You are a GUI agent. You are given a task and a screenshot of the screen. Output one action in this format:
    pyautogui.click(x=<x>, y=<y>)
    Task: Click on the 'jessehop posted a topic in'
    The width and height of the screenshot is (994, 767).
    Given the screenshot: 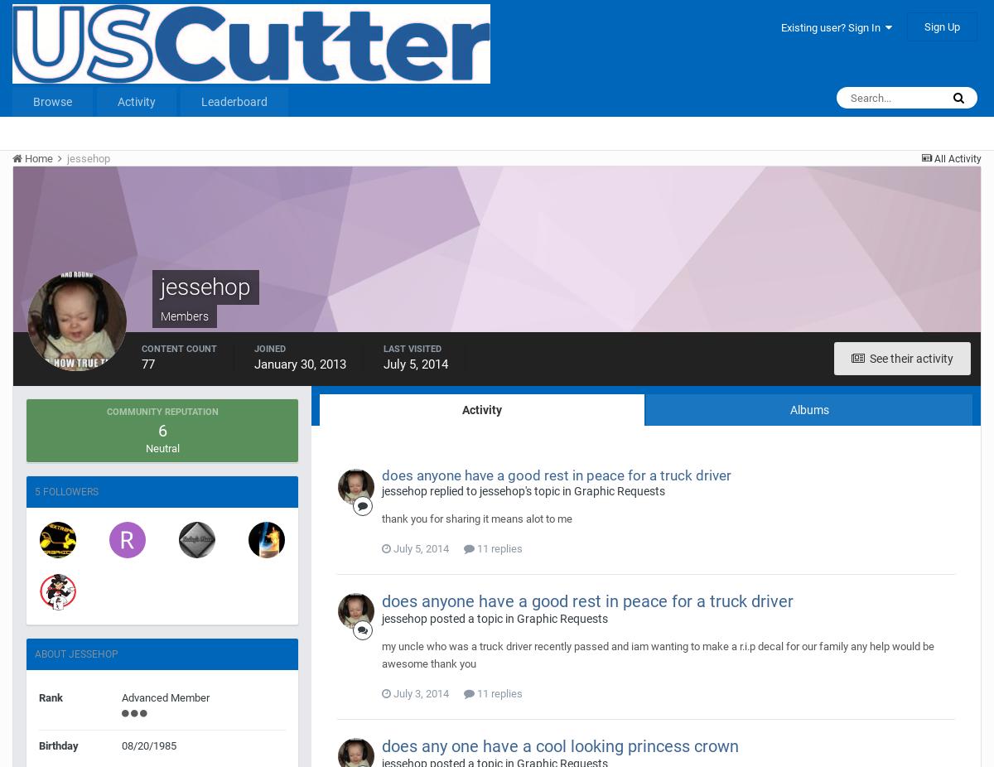 What is the action you would take?
    pyautogui.click(x=448, y=619)
    